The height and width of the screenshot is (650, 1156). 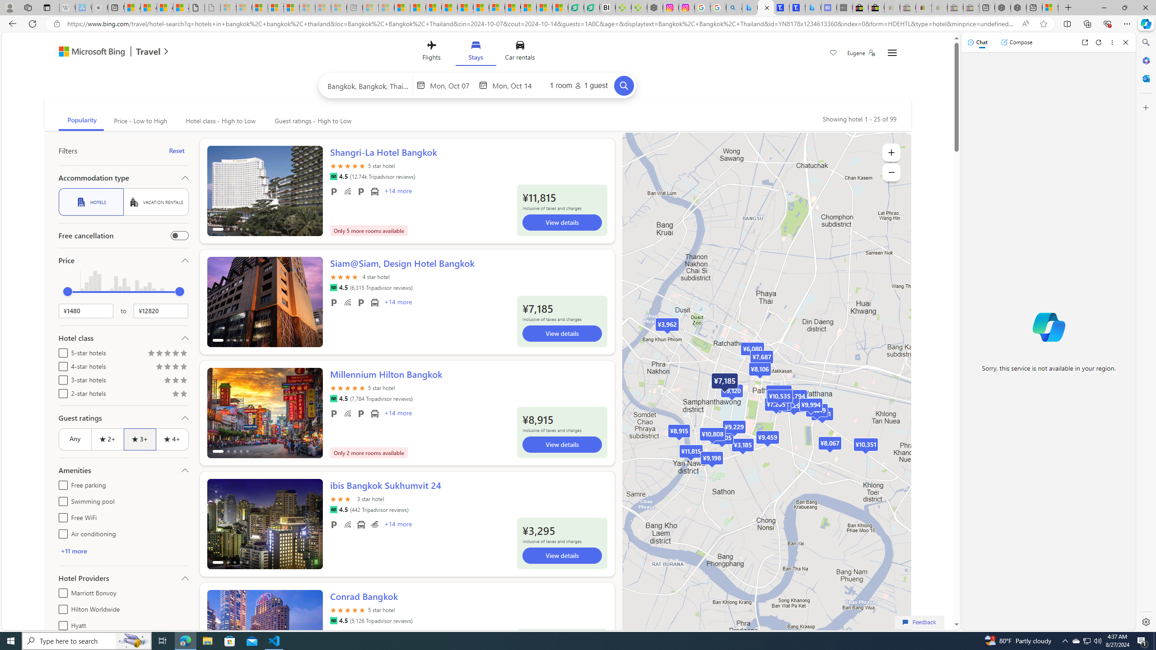 I want to click on 'HOTELS', so click(x=90, y=202).